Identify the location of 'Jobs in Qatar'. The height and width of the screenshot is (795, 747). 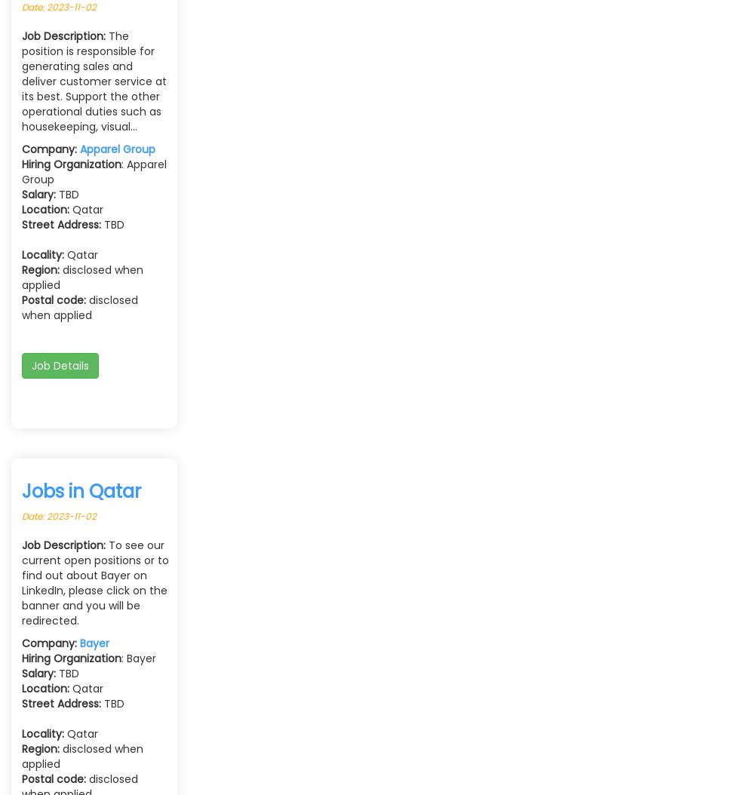
(81, 491).